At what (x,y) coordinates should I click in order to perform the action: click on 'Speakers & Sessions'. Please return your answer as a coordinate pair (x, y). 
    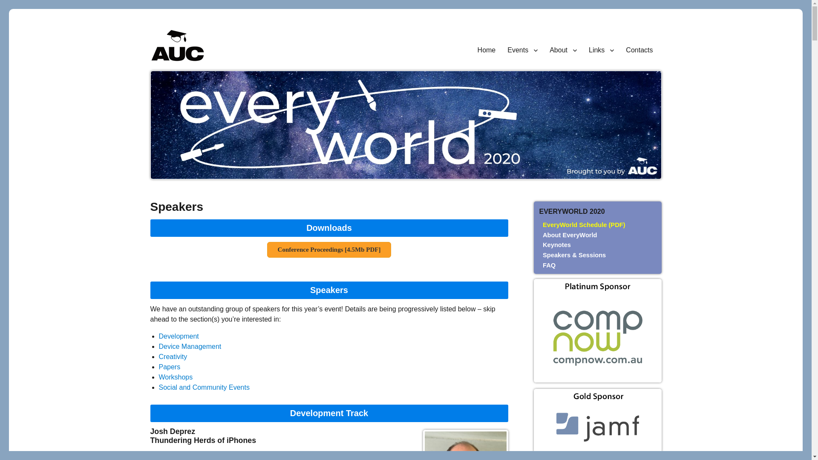
    Looking at the image, I should click on (574, 254).